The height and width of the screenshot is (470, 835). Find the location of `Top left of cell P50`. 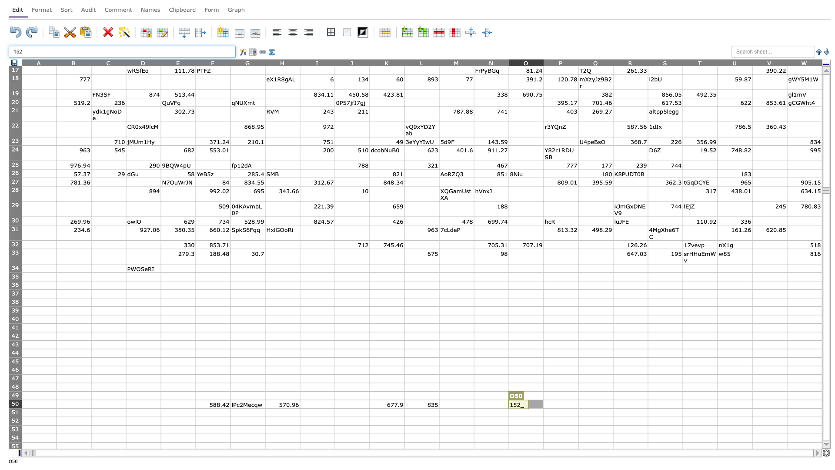

Top left of cell P50 is located at coordinates (543, 399).